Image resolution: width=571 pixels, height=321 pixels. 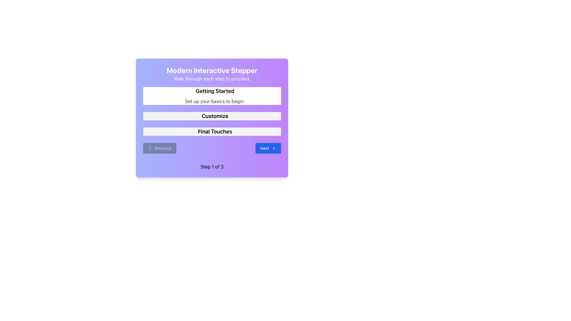 What do you see at coordinates (215, 91) in the screenshot?
I see `the bold text label reading 'Getting Started', which is positioned as the title of a section above the description text` at bounding box center [215, 91].